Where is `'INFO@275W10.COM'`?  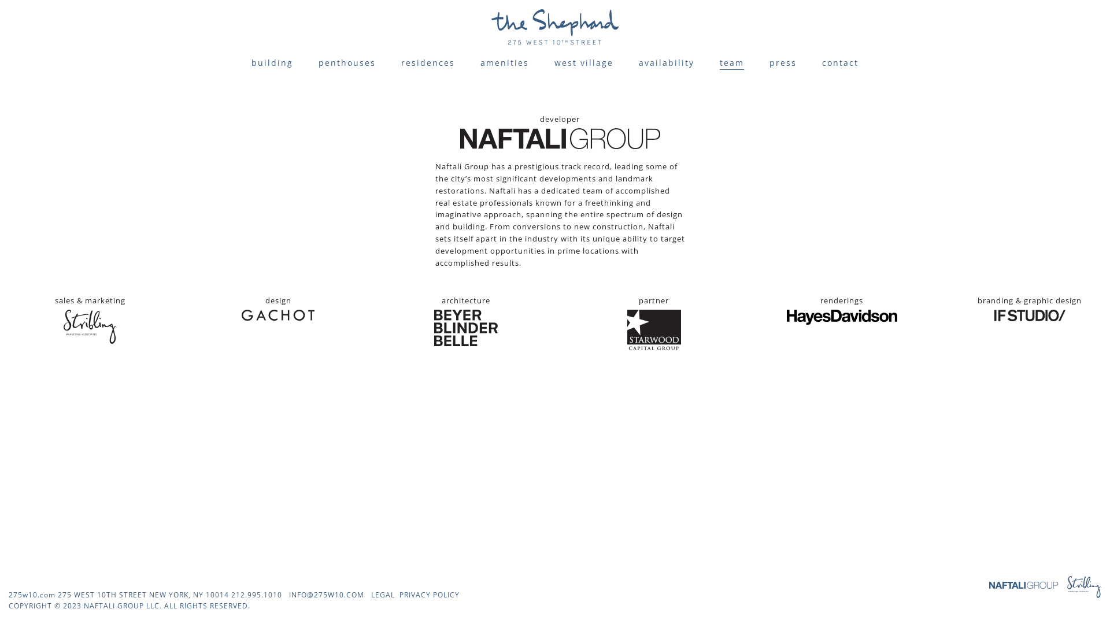 'INFO@275W10.COM' is located at coordinates (326, 595).